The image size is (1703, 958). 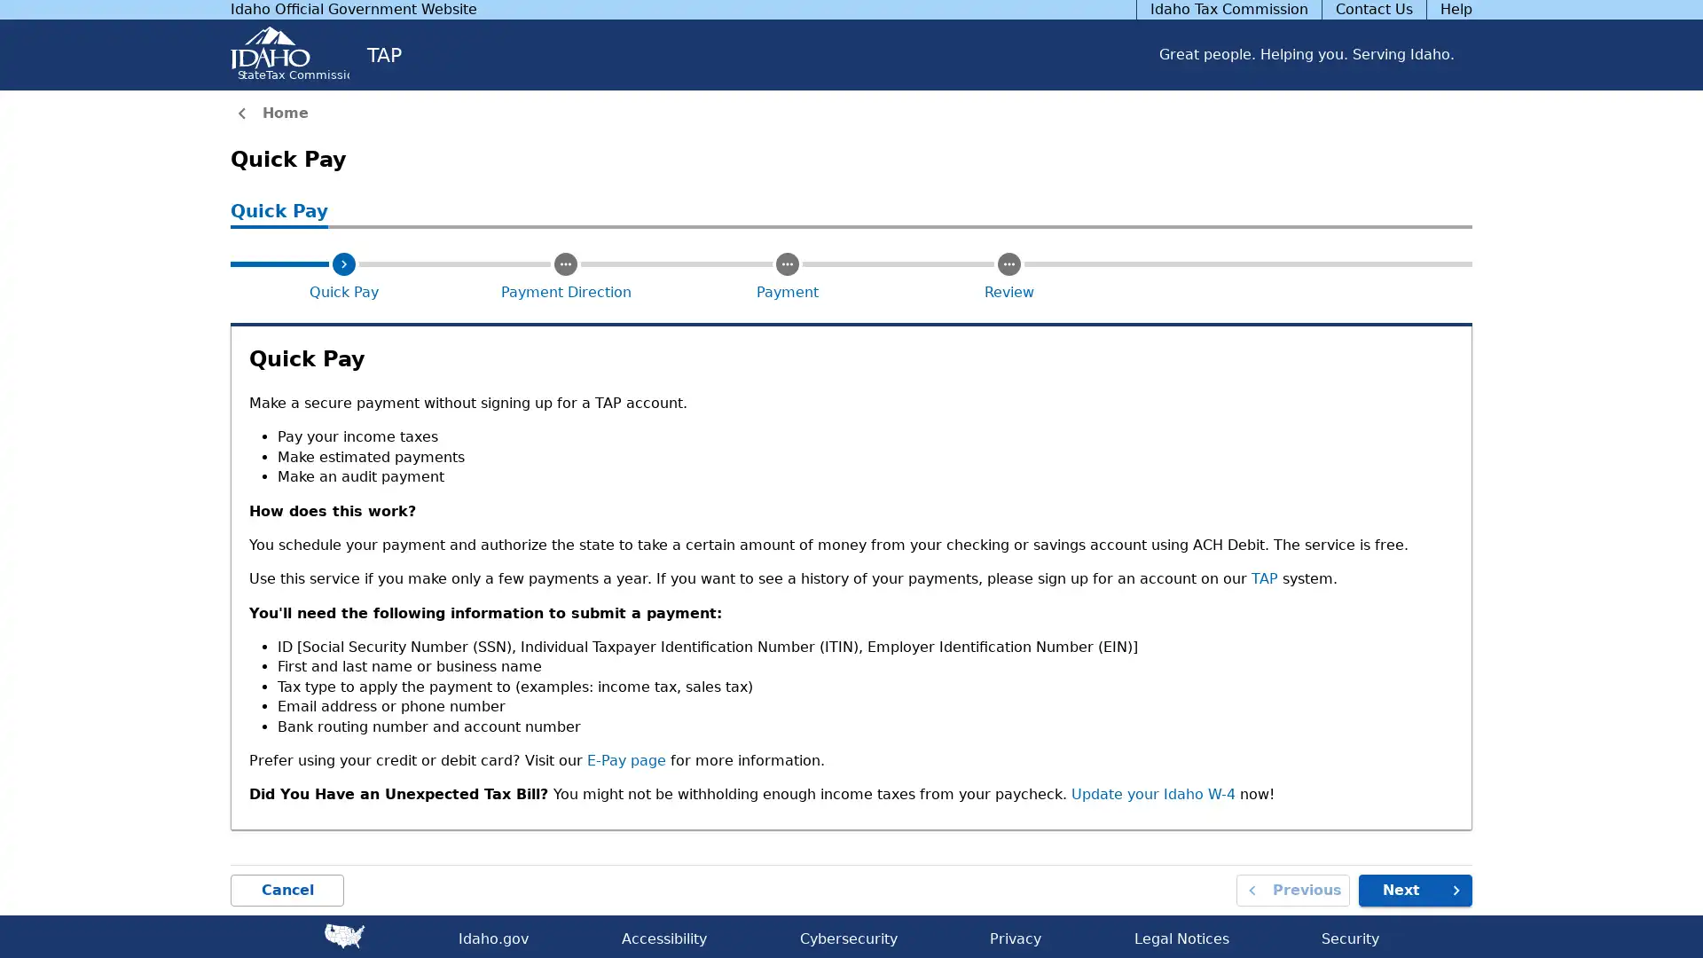 What do you see at coordinates (1293, 890) in the screenshot?
I see `Previous` at bounding box center [1293, 890].